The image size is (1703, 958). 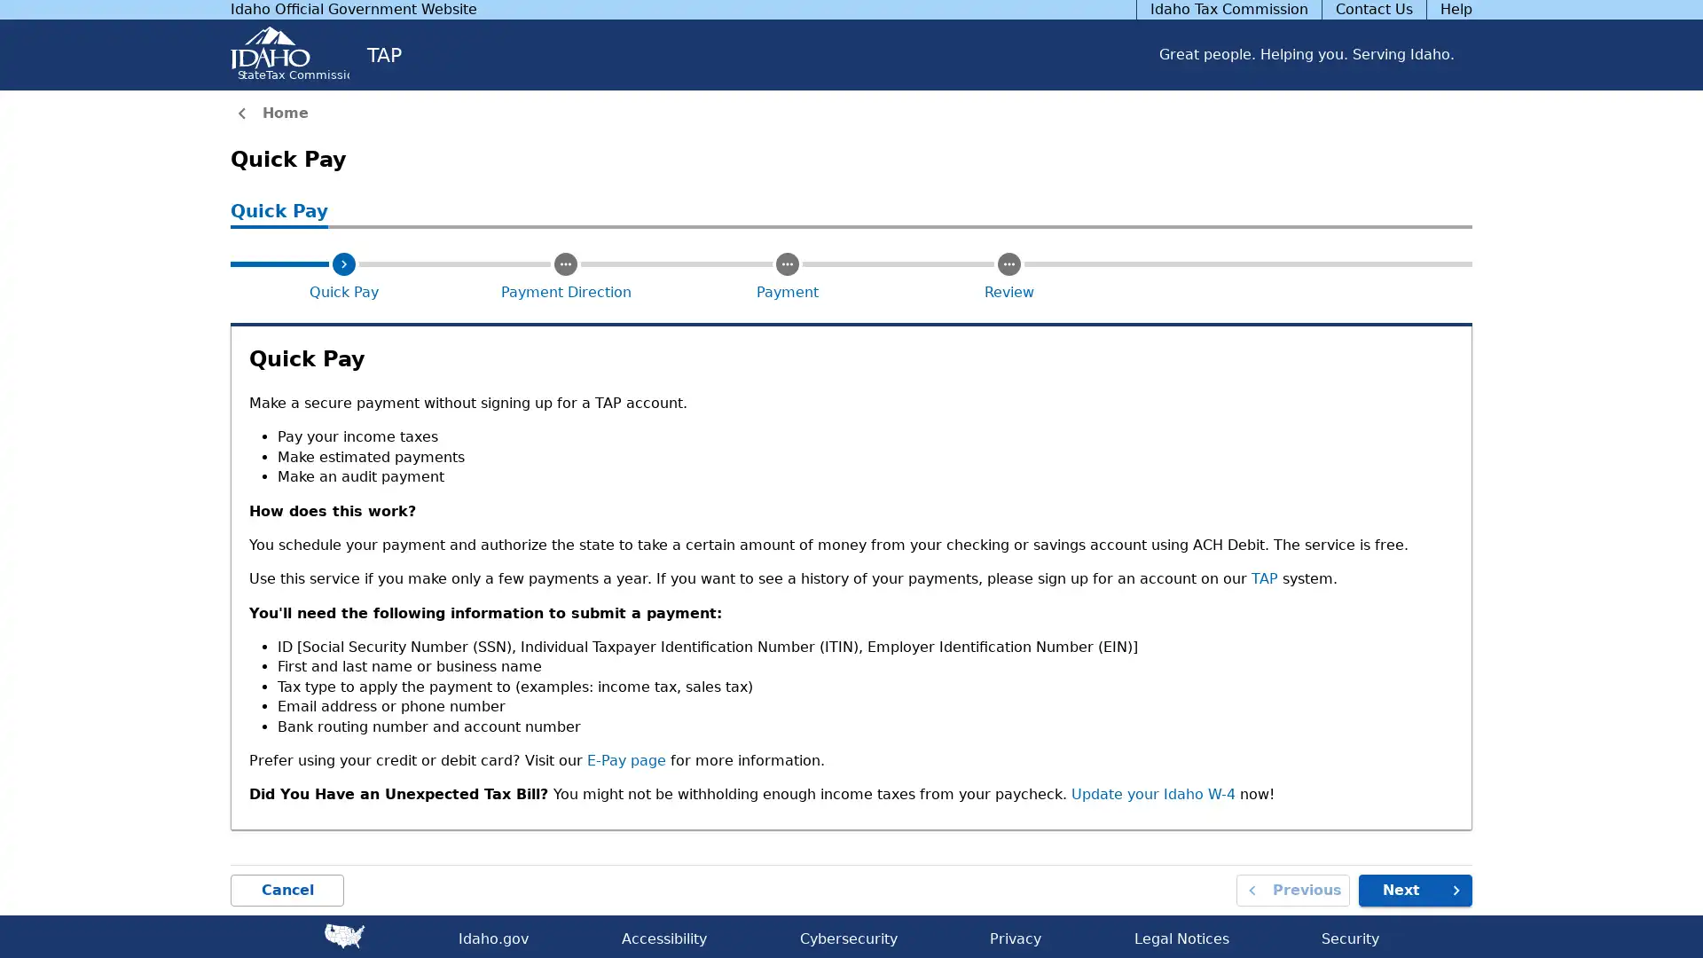 What do you see at coordinates (1293, 890) in the screenshot?
I see `Previous` at bounding box center [1293, 890].